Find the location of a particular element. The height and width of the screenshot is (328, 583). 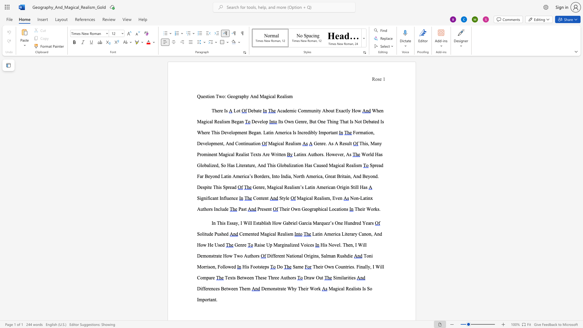

the 3th character "o" in the text is located at coordinates (343, 209).